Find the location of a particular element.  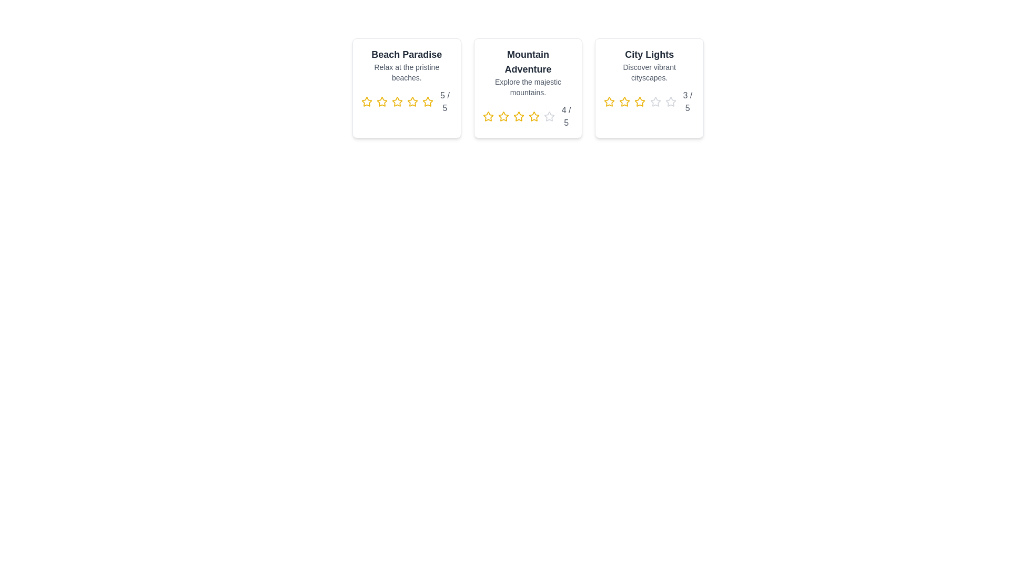

the rating for a destination to 2 stars by clicking on the corresponding star icon is located at coordinates (381, 102).